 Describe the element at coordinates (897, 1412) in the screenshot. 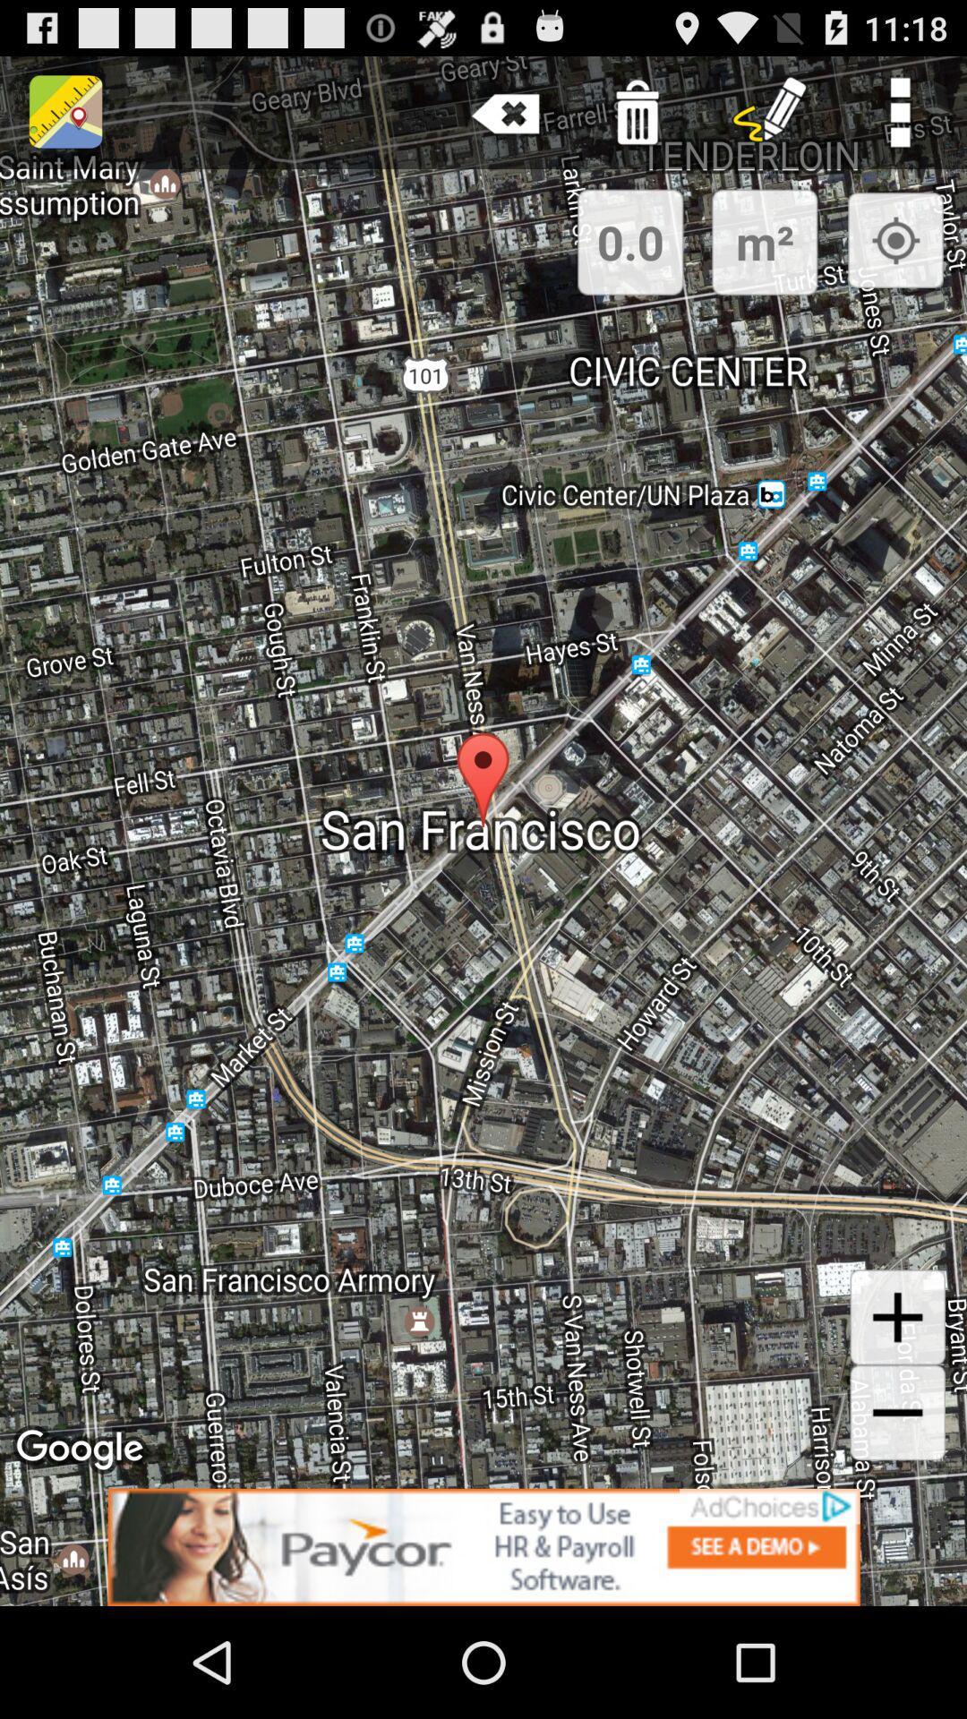

I see `zoom out map` at that location.